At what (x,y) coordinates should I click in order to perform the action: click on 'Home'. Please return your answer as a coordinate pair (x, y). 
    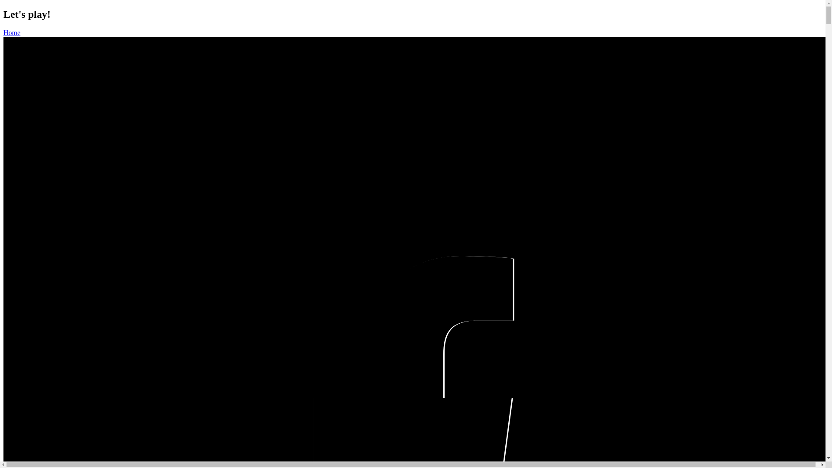
    Looking at the image, I should click on (3, 32).